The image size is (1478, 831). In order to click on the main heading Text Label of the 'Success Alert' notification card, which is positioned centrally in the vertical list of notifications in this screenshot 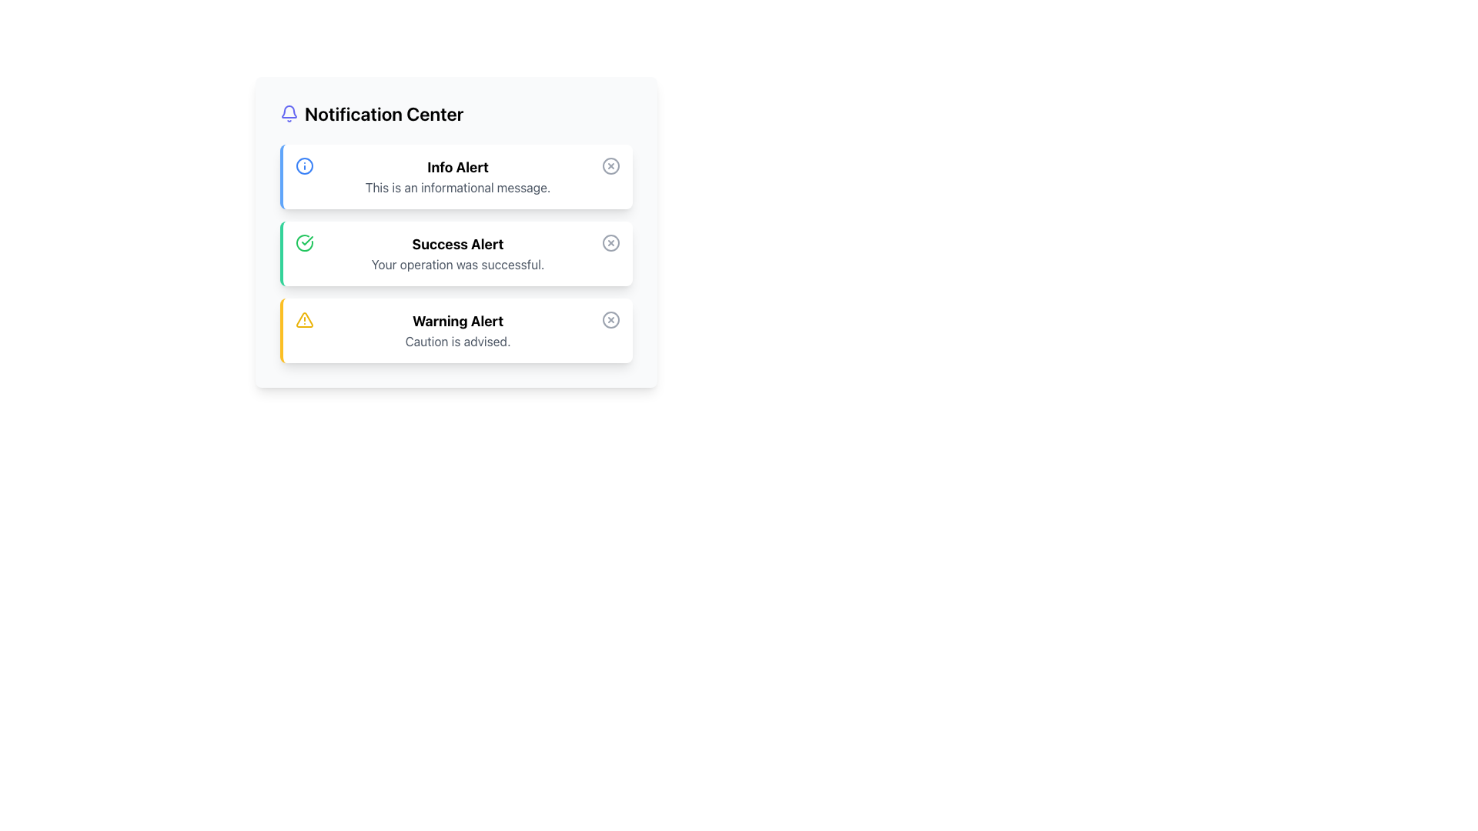, I will do `click(457, 243)`.